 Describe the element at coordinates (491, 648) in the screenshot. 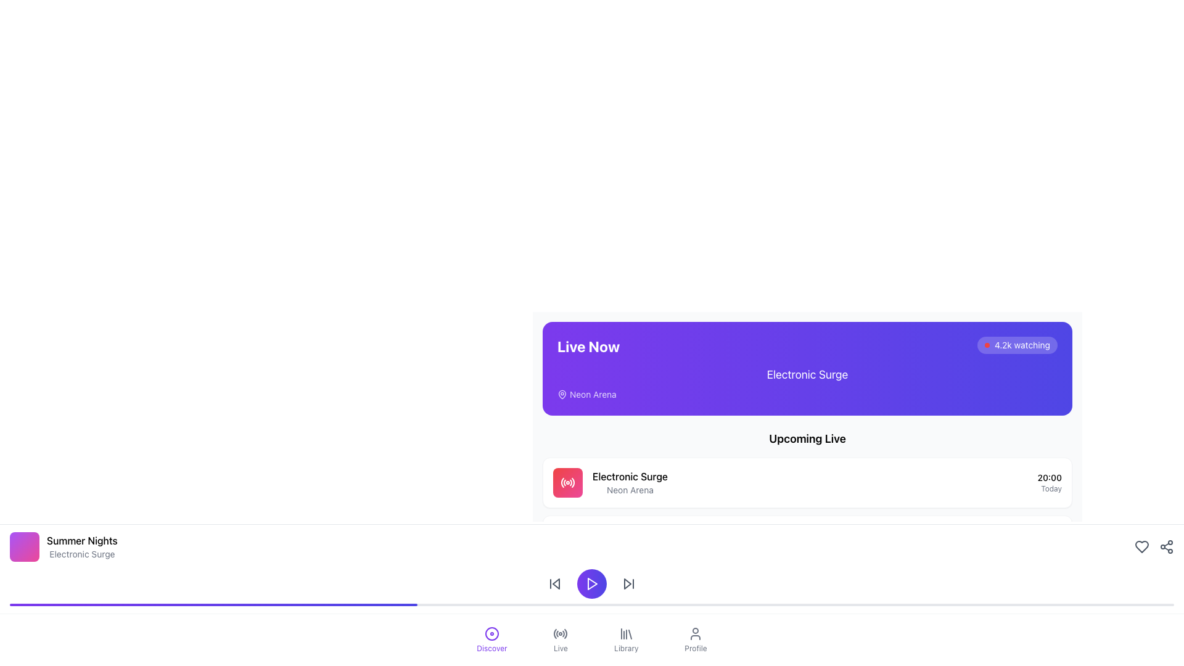

I see `the 'Discover' text label, which is a small purple font label located below a circular icon in the navigation bar at the bottom of the interface` at that location.